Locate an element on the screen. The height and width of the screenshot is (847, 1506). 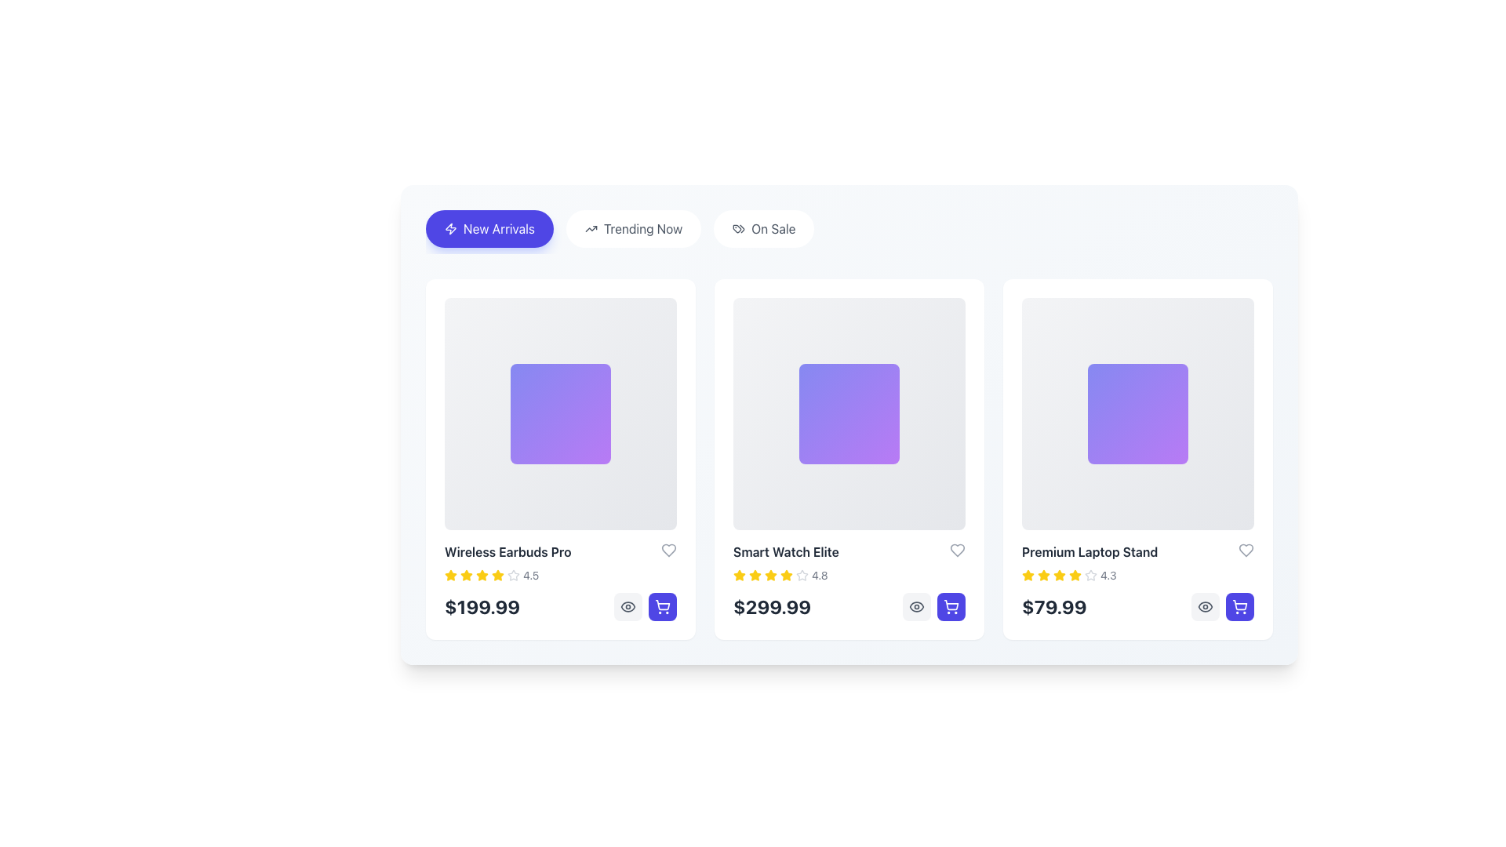
the second star icon in the 'Premium Laptop Stand' section is located at coordinates (1043, 575).